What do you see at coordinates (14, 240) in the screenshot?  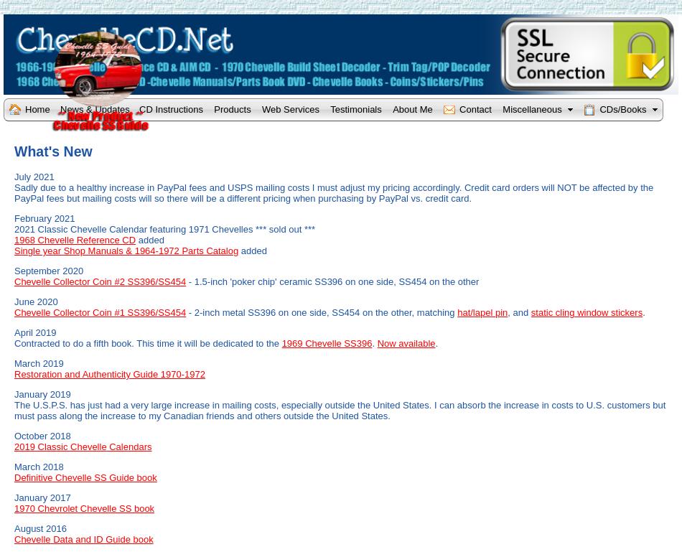 I see `'1968 Chevelle Reference CD'` at bounding box center [14, 240].